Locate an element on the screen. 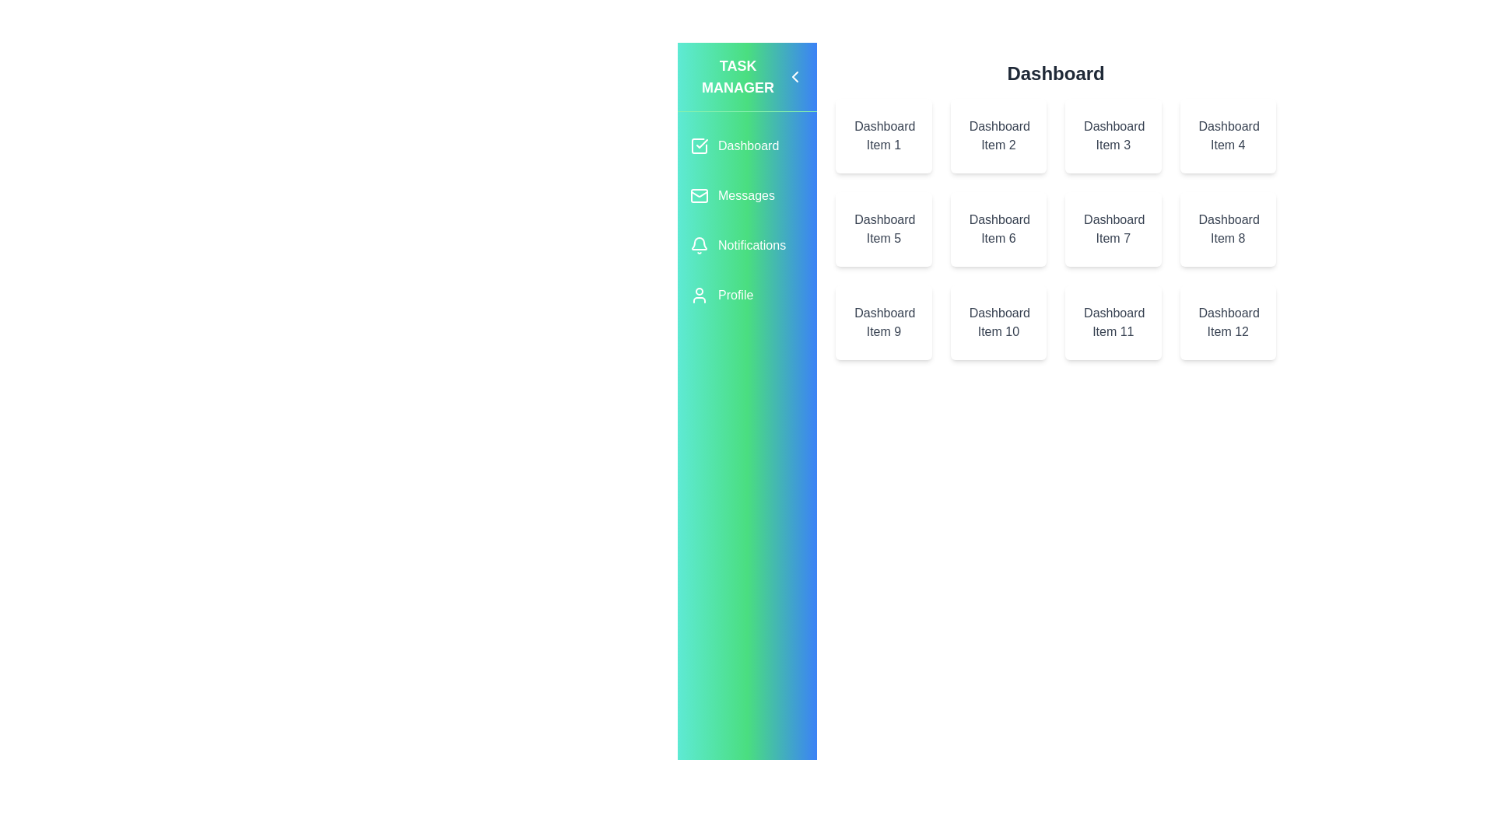 Image resolution: width=1494 pixels, height=840 pixels. the Profile section in the sidebar is located at coordinates (747, 296).